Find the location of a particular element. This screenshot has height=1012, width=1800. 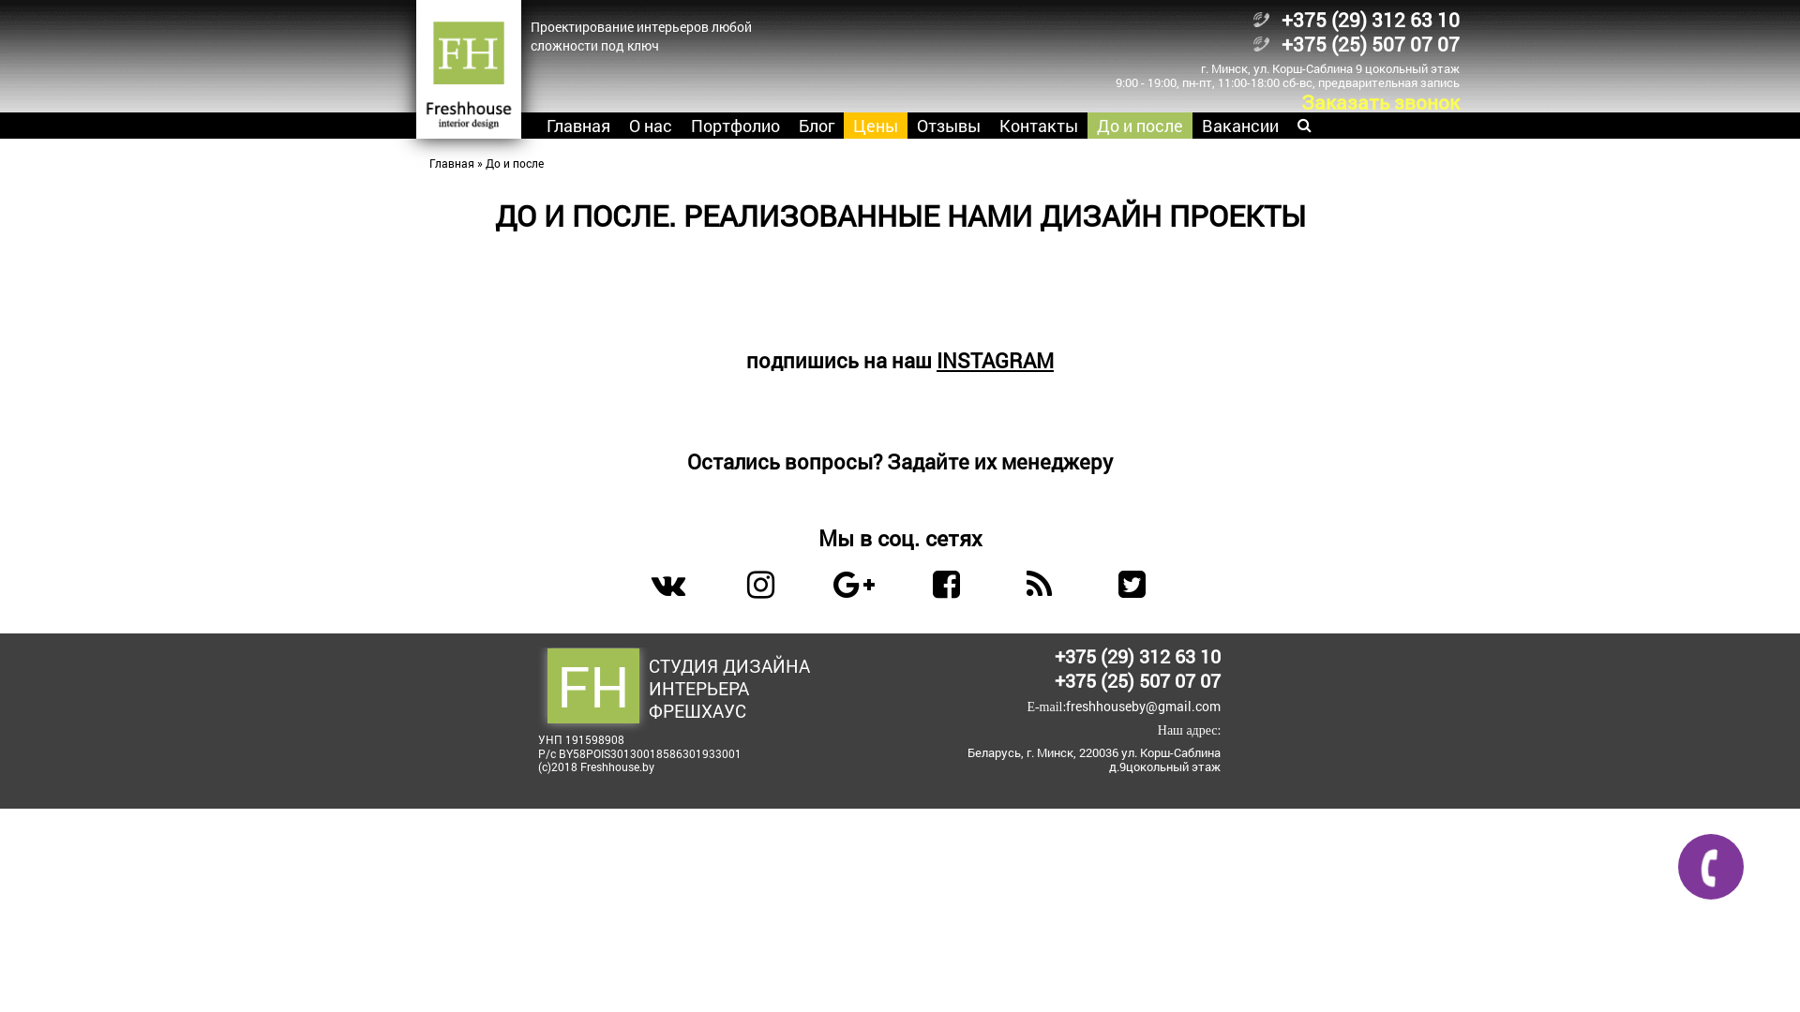

'+375 (29) 312 63 10' is located at coordinates (1369, 19).